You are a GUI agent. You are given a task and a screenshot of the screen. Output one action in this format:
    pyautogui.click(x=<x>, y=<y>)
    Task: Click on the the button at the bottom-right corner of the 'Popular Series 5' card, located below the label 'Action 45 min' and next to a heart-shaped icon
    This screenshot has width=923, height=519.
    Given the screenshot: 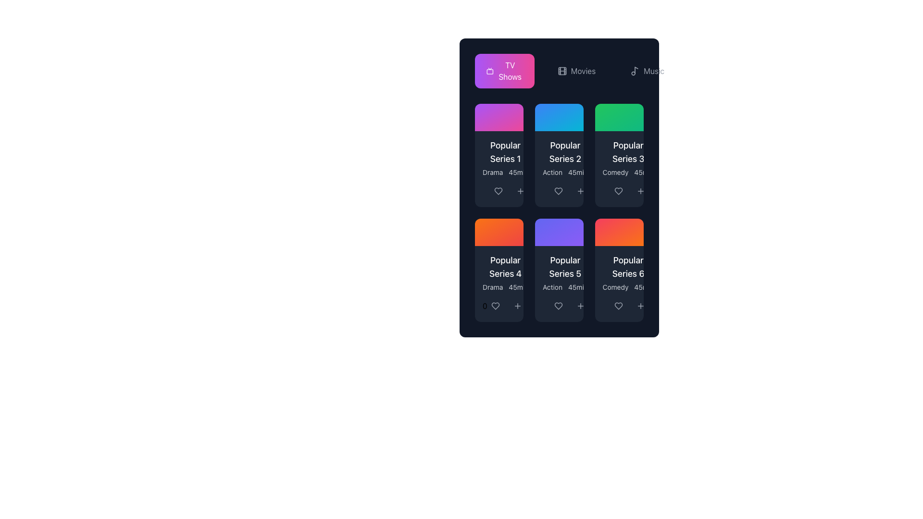 What is the action you would take?
    pyautogui.click(x=580, y=306)
    